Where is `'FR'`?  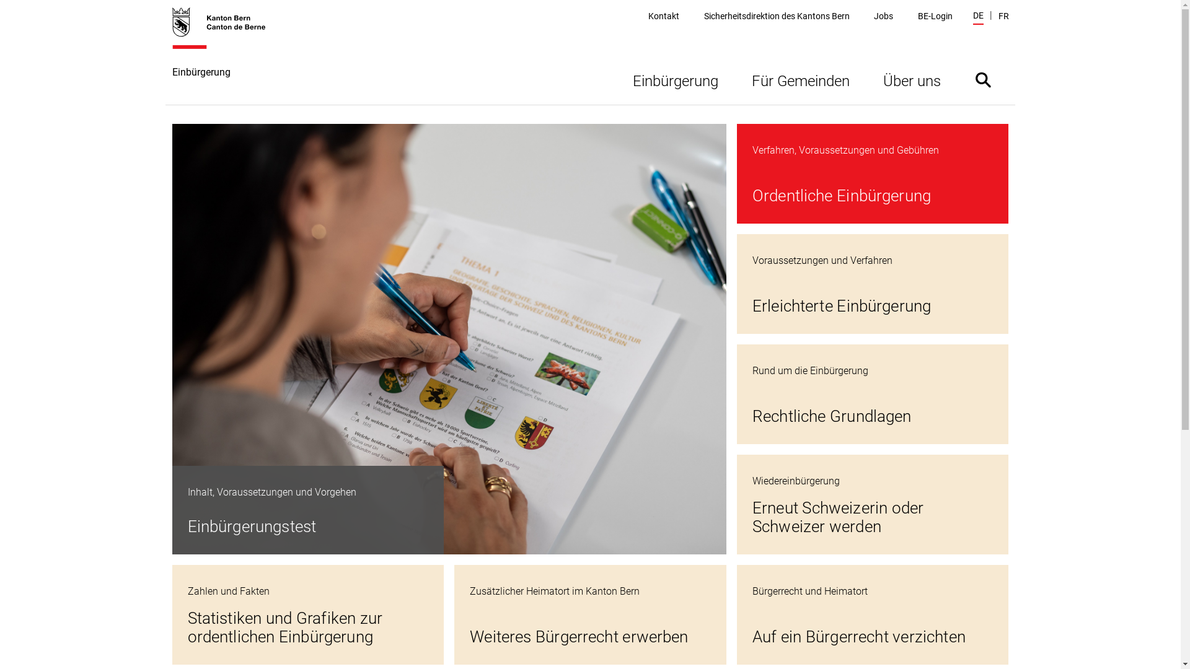 'FR' is located at coordinates (1003, 16).